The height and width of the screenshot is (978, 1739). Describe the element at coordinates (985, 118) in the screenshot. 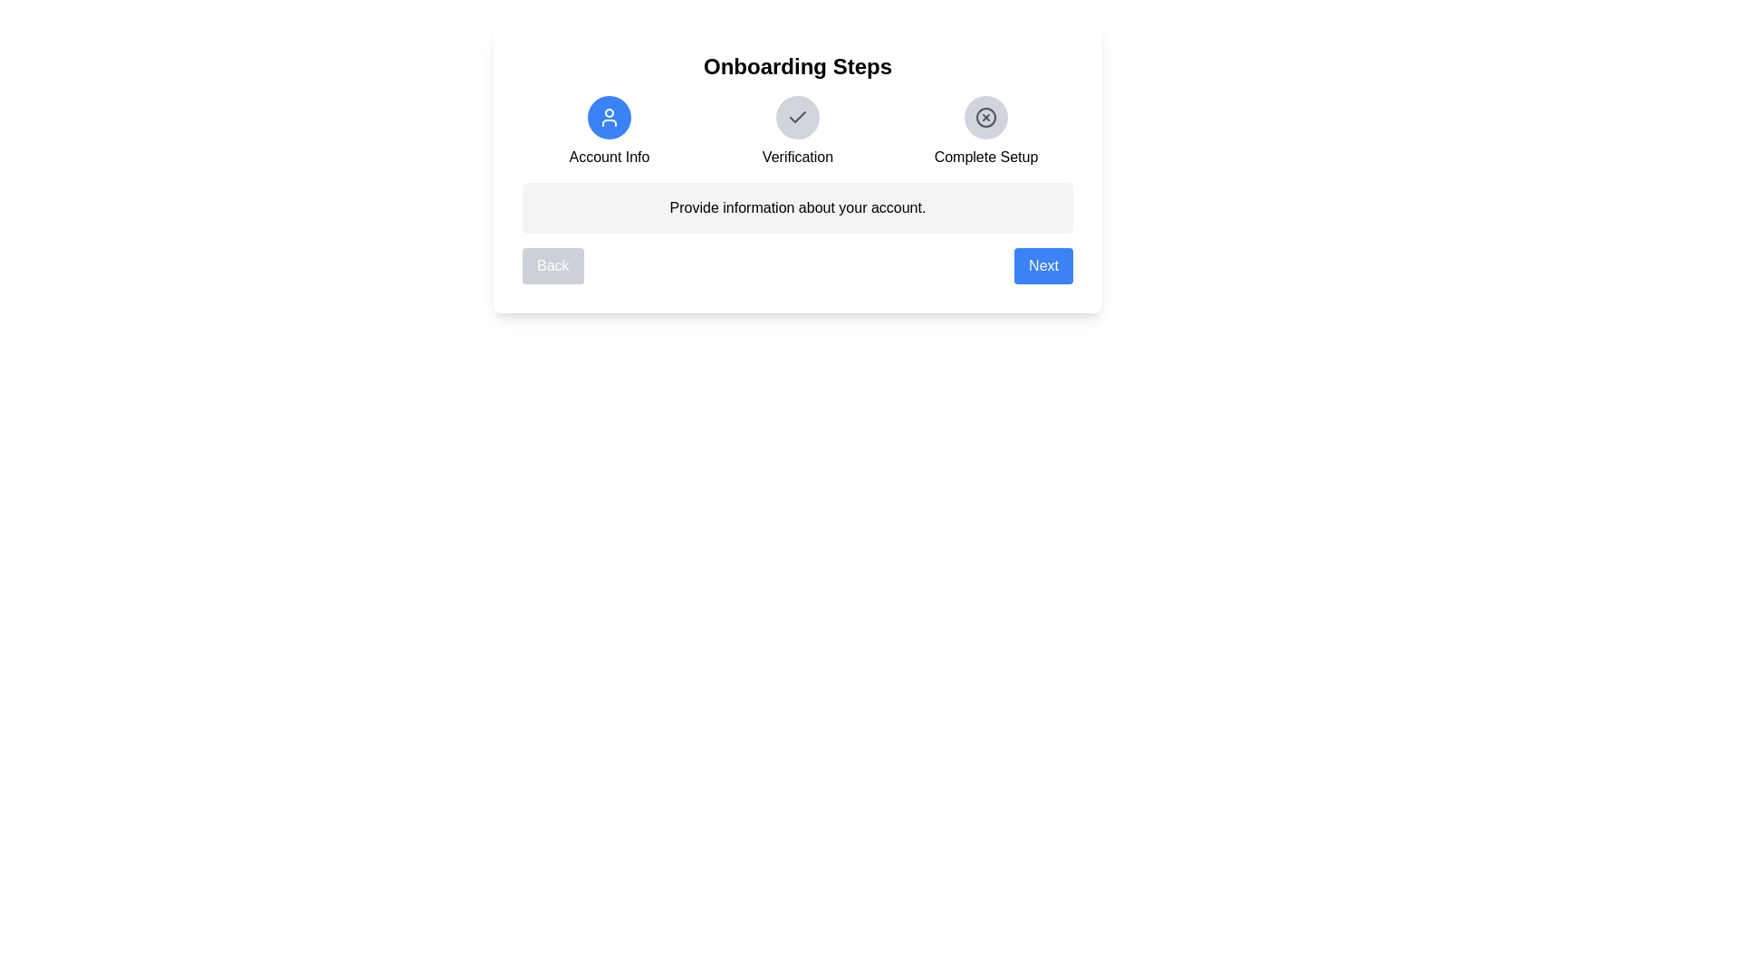

I see `the step icon for Complete Setup to navigate to that step` at that location.